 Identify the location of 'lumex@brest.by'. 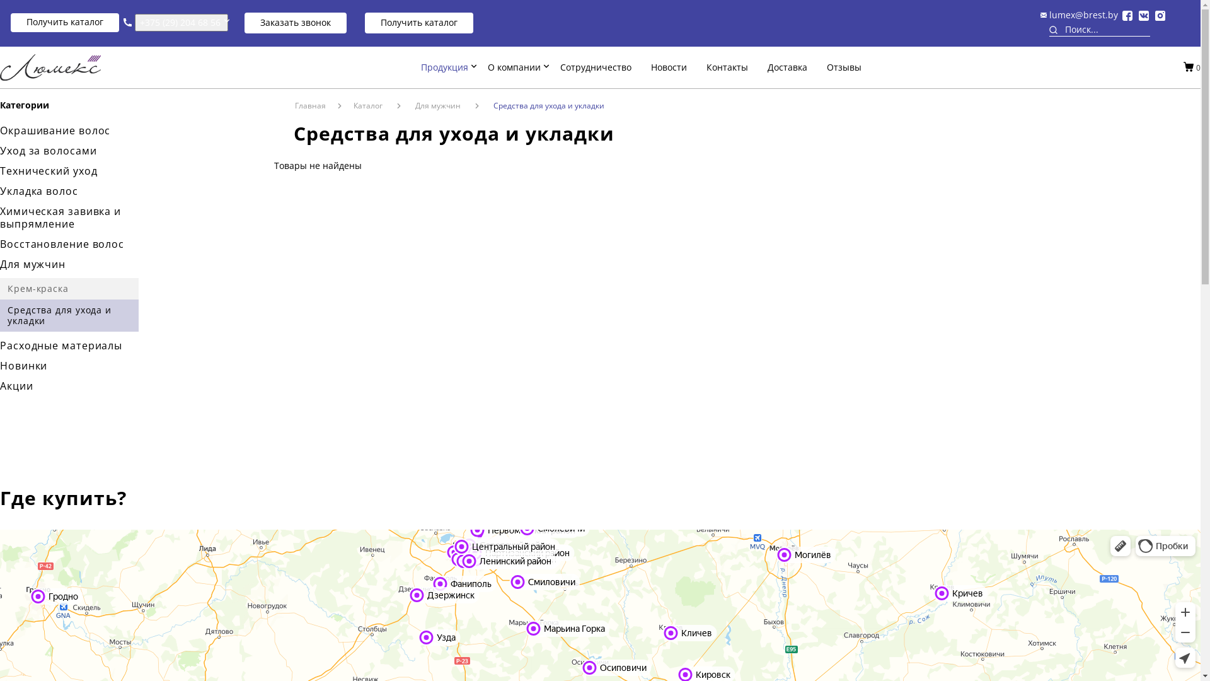
(1083, 15).